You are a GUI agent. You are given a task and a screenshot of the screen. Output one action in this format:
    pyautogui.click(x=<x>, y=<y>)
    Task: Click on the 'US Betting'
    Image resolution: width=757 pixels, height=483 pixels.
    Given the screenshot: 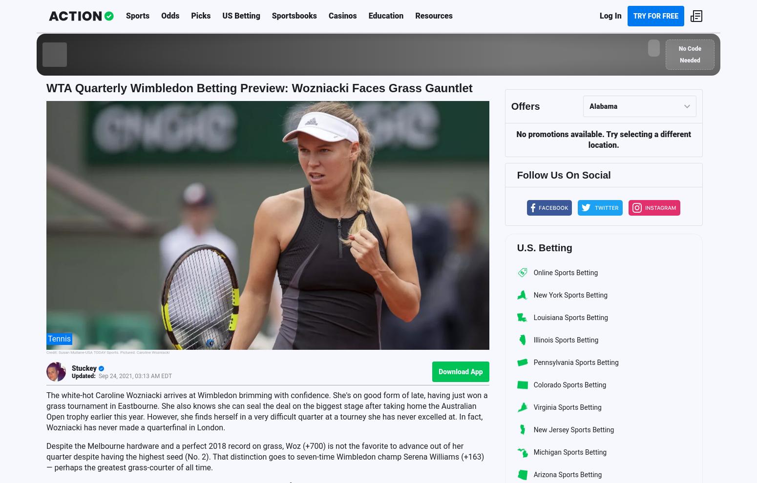 What is the action you would take?
    pyautogui.click(x=222, y=15)
    